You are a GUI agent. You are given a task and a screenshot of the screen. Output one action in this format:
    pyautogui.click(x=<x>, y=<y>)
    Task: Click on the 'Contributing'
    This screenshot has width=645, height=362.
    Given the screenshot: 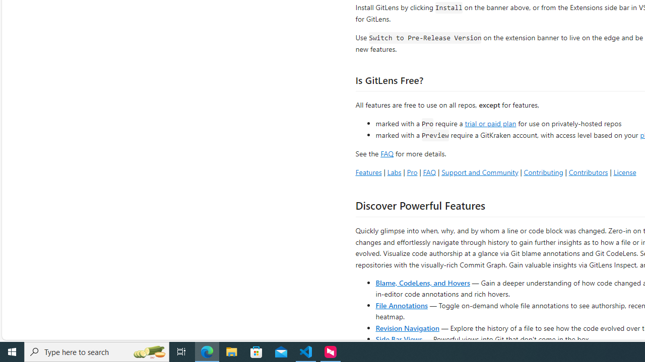 What is the action you would take?
    pyautogui.click(x=543, y=171)
    